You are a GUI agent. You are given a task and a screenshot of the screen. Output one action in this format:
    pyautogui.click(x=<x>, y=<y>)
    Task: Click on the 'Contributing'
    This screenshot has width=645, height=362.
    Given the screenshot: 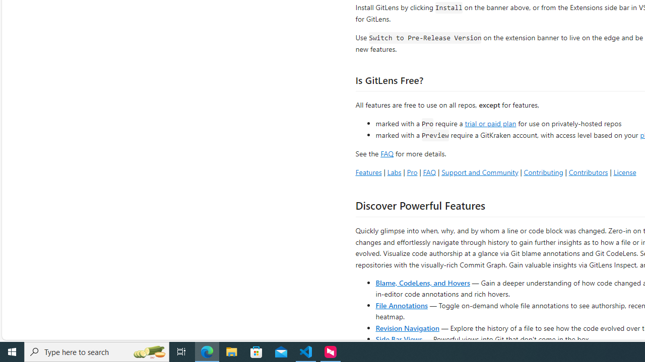 What is the action you would take?
    pyautogui.click(x=543, y=171)
    